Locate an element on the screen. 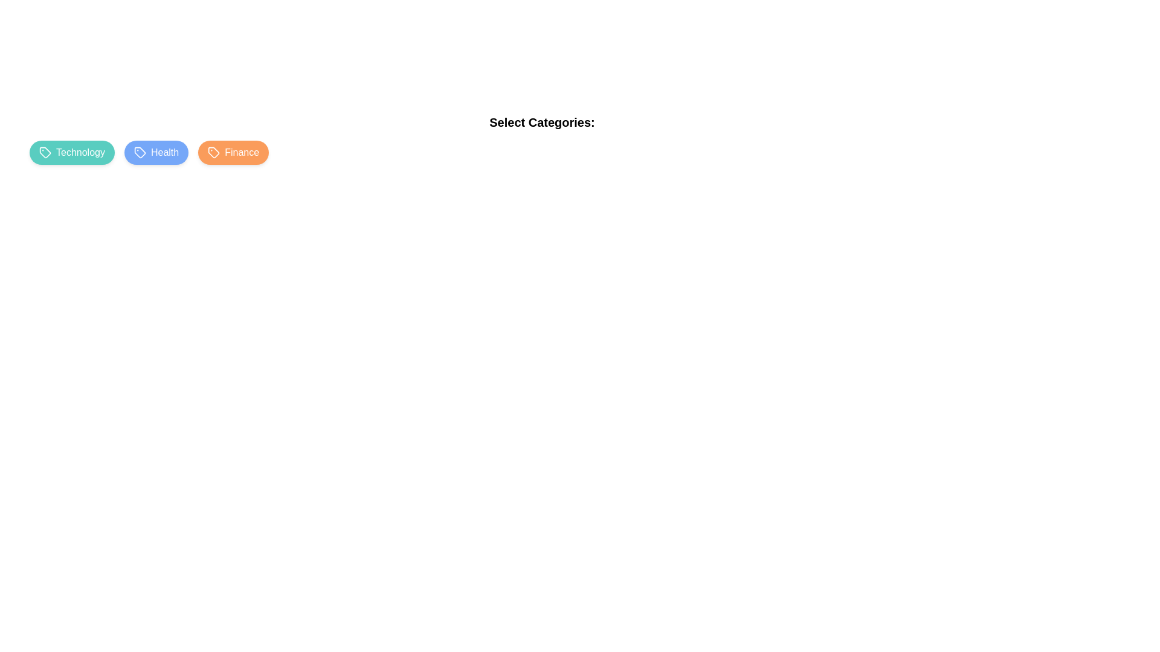 This screenshot has height=652, width=1160. the category chip Finance is located at coordinates (234, 152).